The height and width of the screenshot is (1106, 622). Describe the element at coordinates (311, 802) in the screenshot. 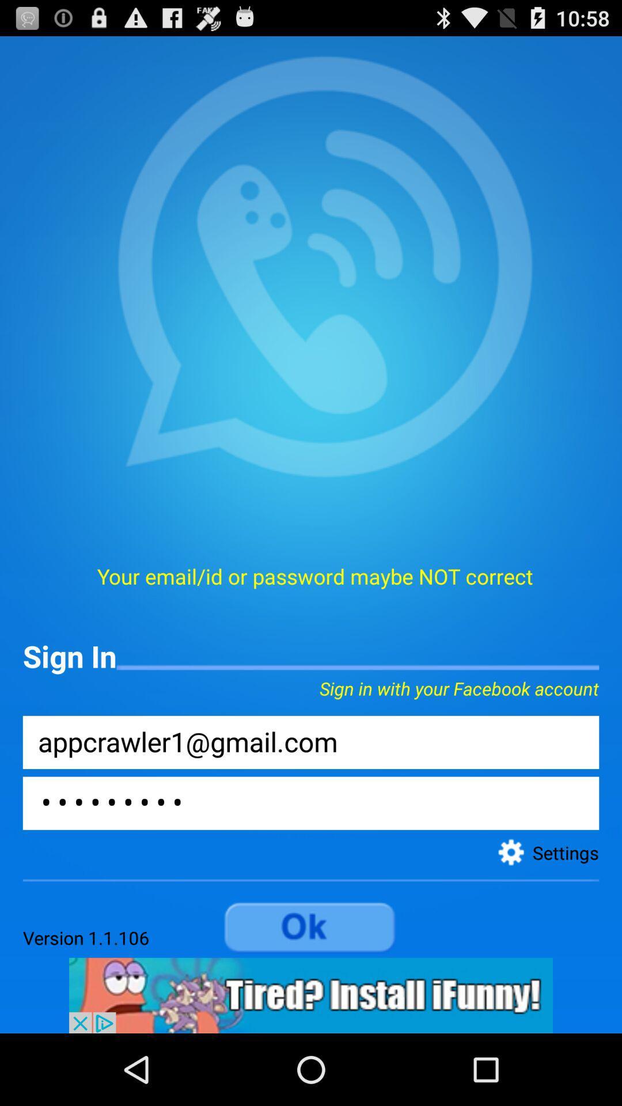

I see `password` at that location.